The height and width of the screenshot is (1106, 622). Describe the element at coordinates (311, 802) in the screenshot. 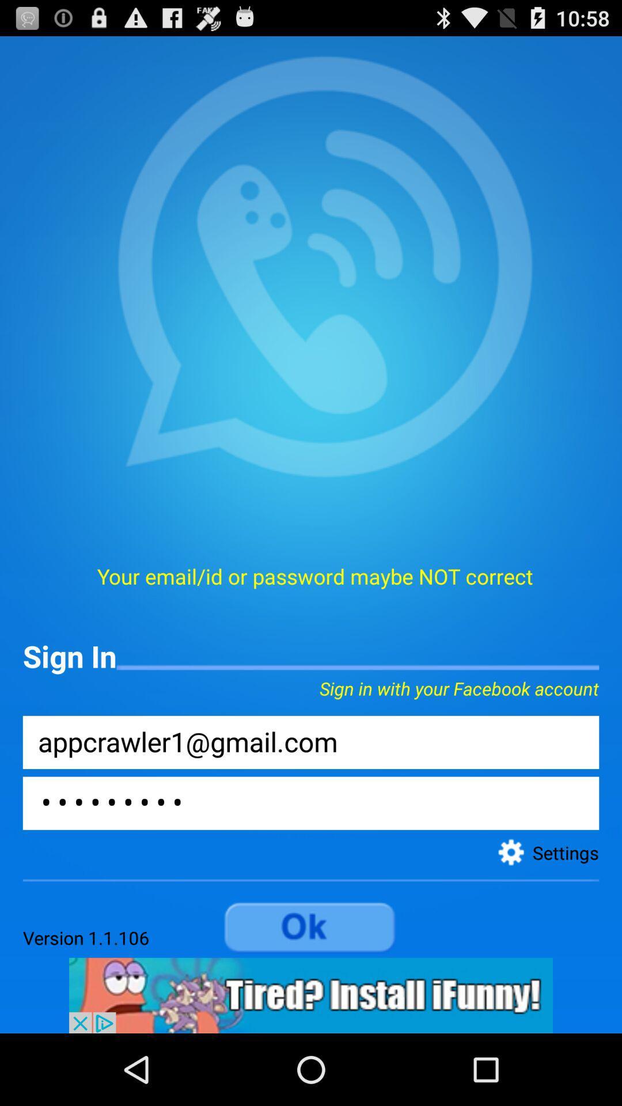

I see `password` at that location.